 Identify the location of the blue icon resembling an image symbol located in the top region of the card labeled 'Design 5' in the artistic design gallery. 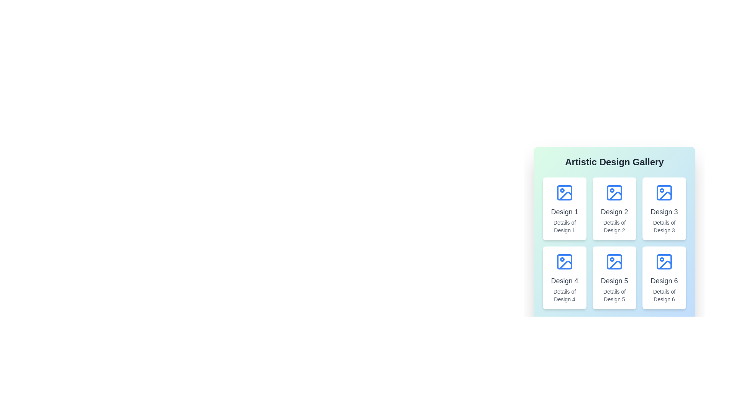
(614, 261).